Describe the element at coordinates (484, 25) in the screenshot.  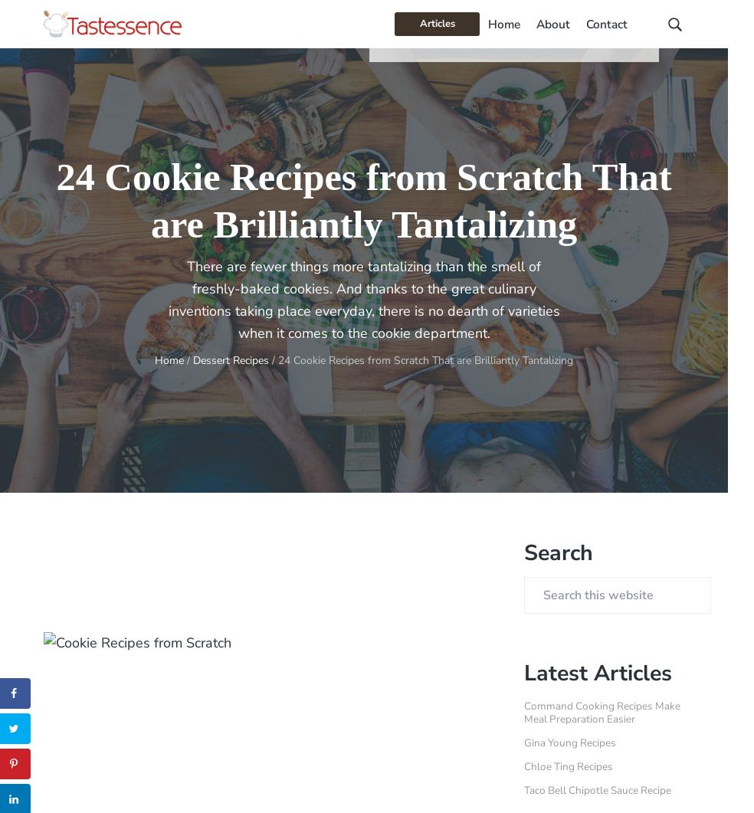
I see `'About'` at that location.